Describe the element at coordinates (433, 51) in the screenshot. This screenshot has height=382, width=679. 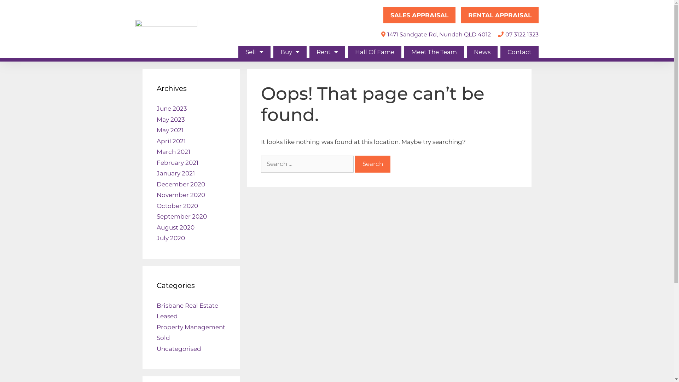
I see `'Meet The Team'` at that location.